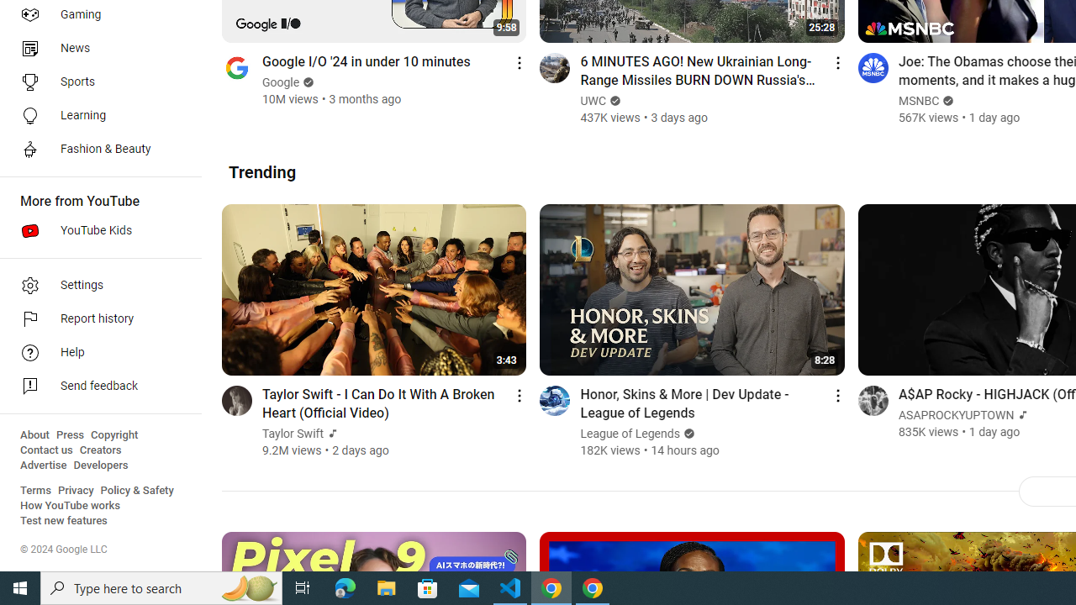  What do you see at coordinates (261, 171) in the screenshot?
I see `'Trending'` at bounding box center [261, 171].